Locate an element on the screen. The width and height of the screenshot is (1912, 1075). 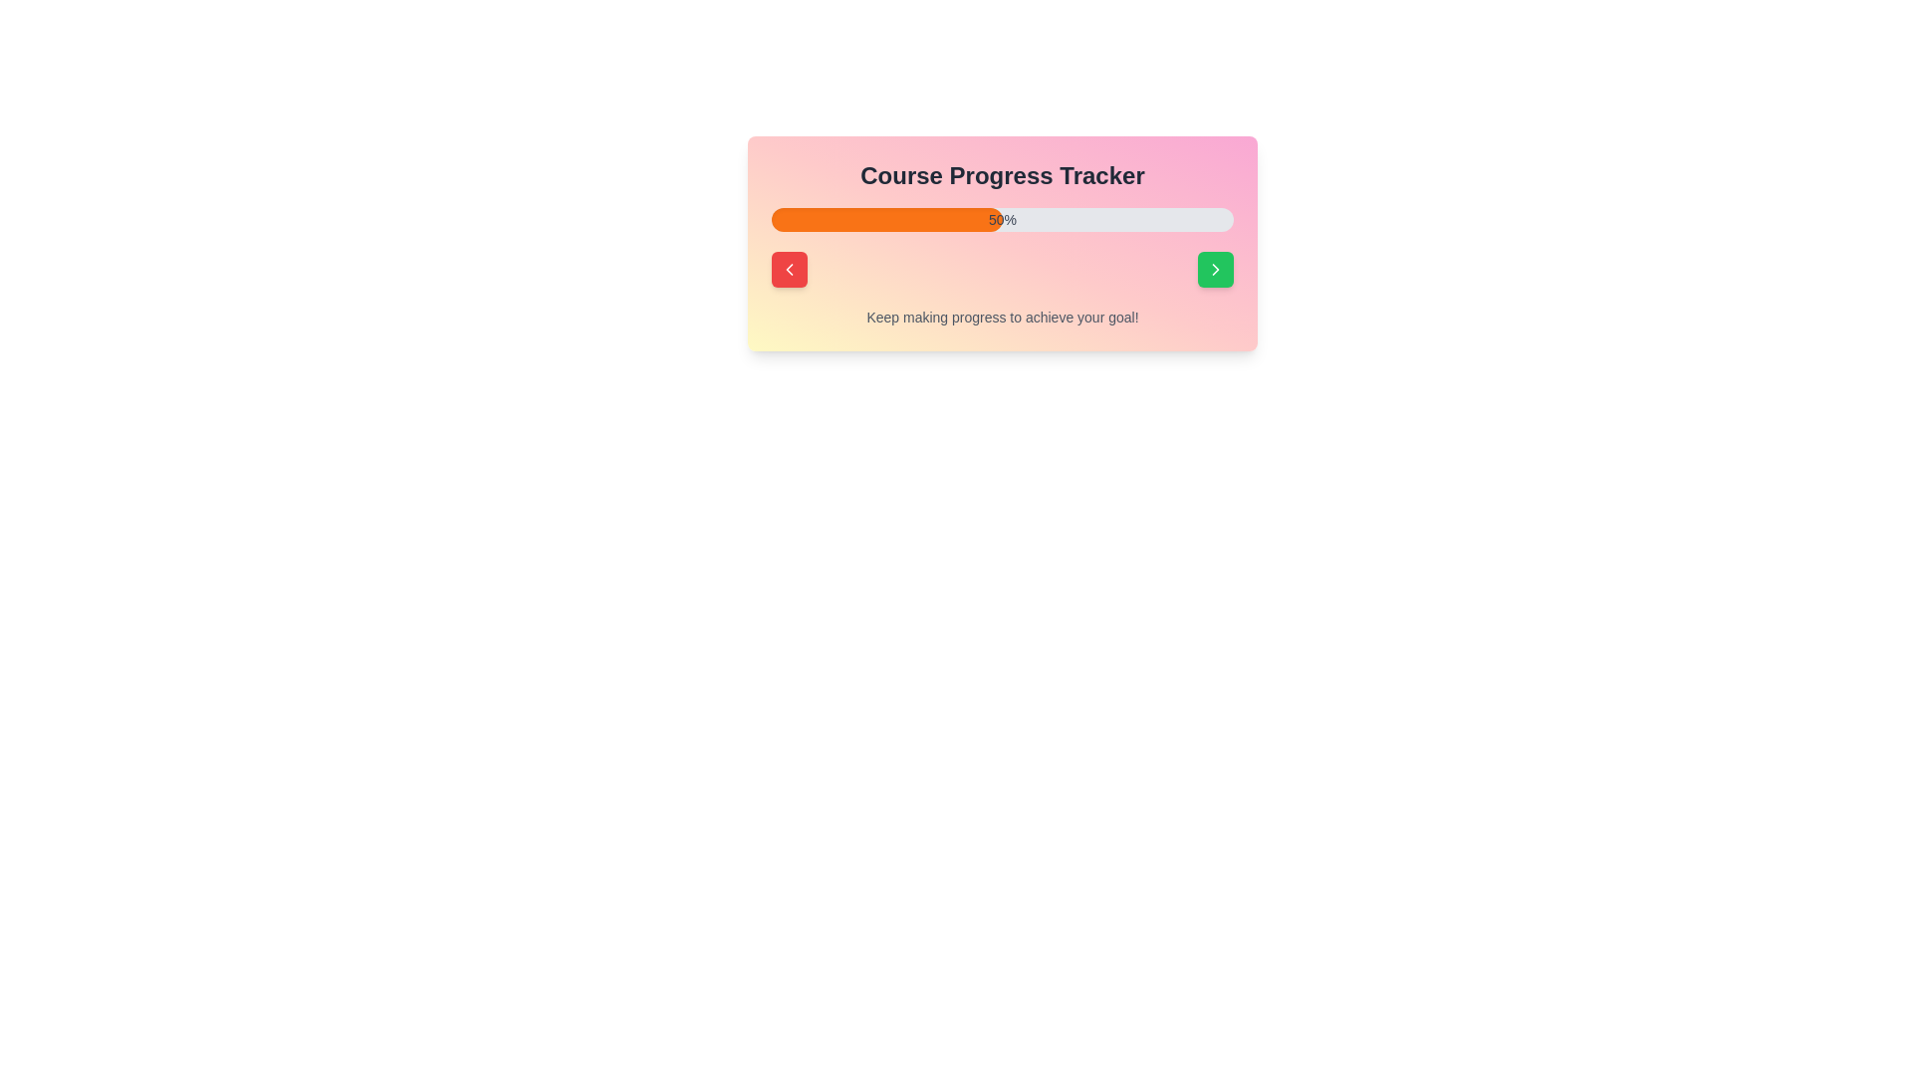
the filled portion of the progress bar that visually represents 50% completion of the course progress is located at coordinates (886, 219).